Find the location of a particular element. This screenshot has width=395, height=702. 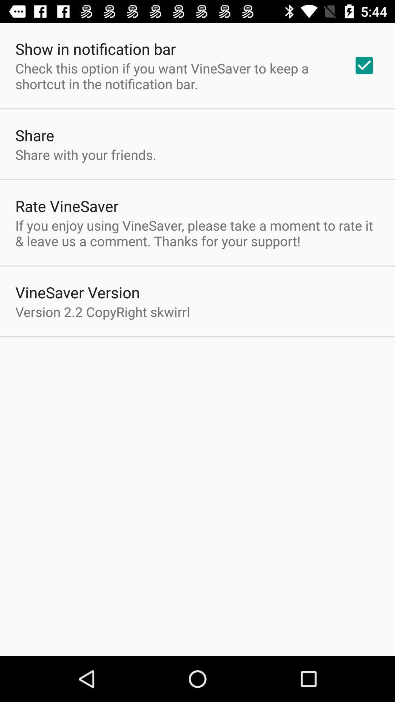

the version 2 2 icon is located at coordinates (102, 312).